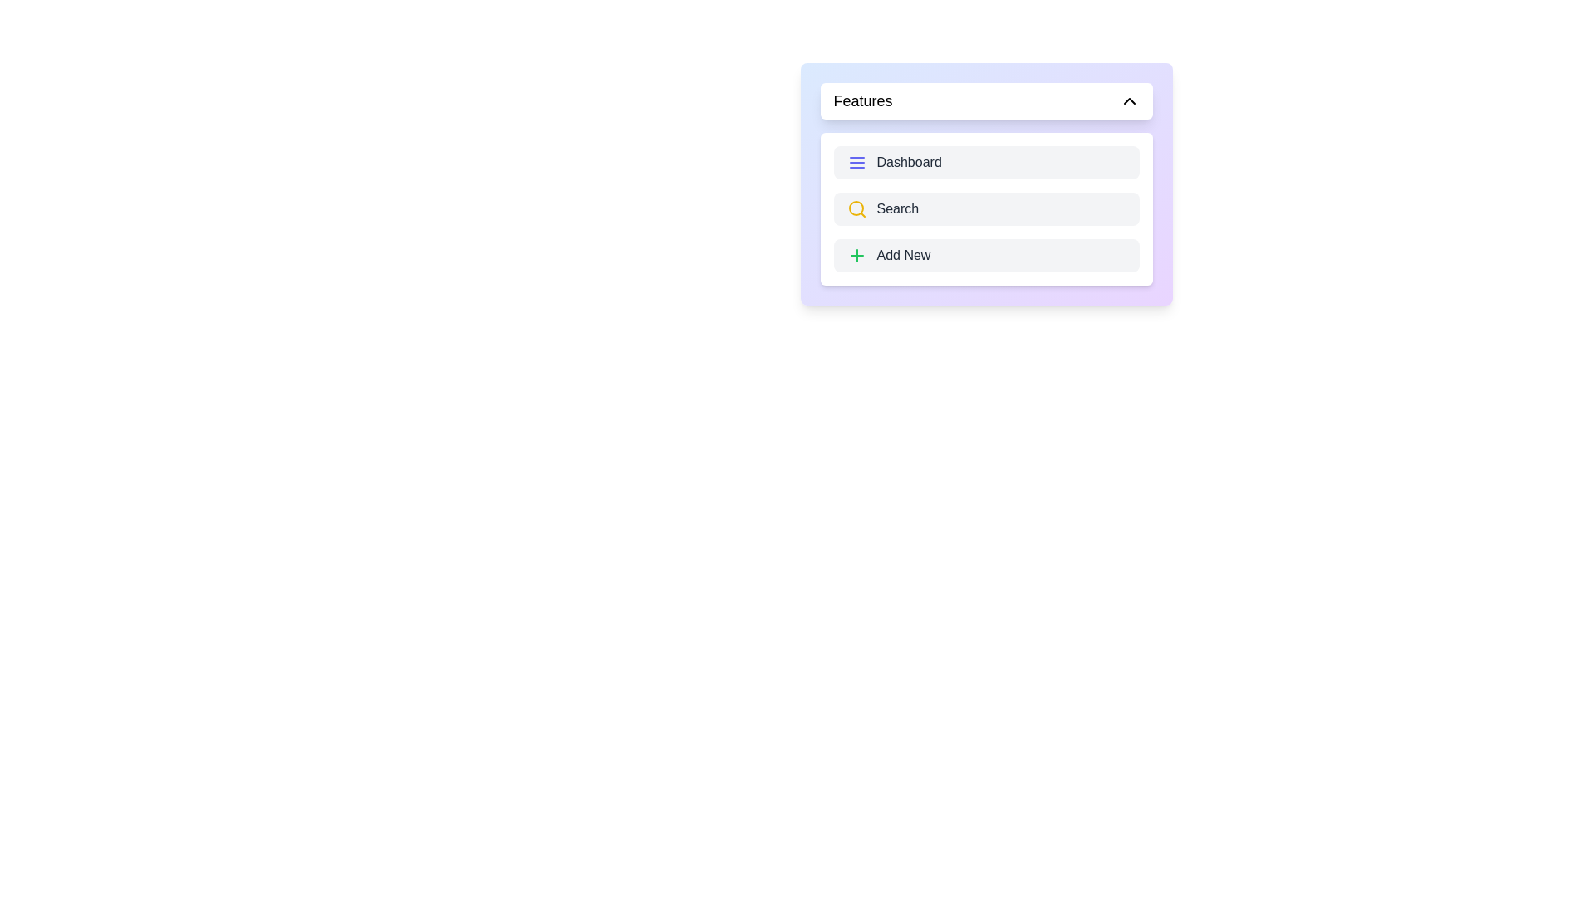 This screenshot has width=1595, height=897. Describe the element at coordinates (986, 101) in the screenshot. I see `the 'Features' button to toggle the menu expansion` at that location.